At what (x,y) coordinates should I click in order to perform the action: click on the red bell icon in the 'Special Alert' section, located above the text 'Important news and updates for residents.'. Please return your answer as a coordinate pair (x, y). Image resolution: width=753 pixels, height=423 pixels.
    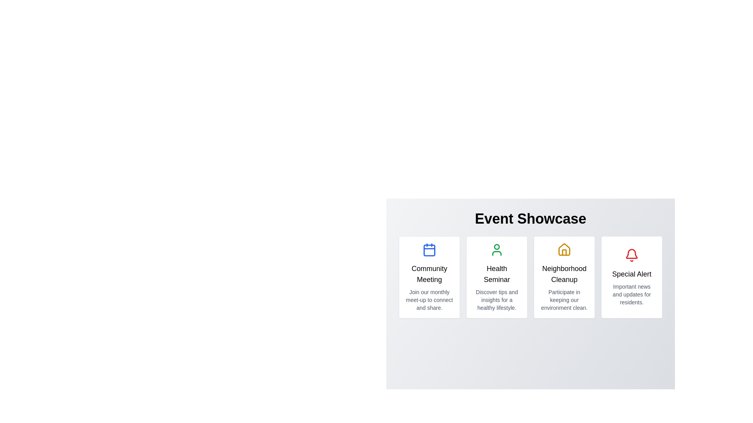
    Looking at the image, I should click on (632, 255).